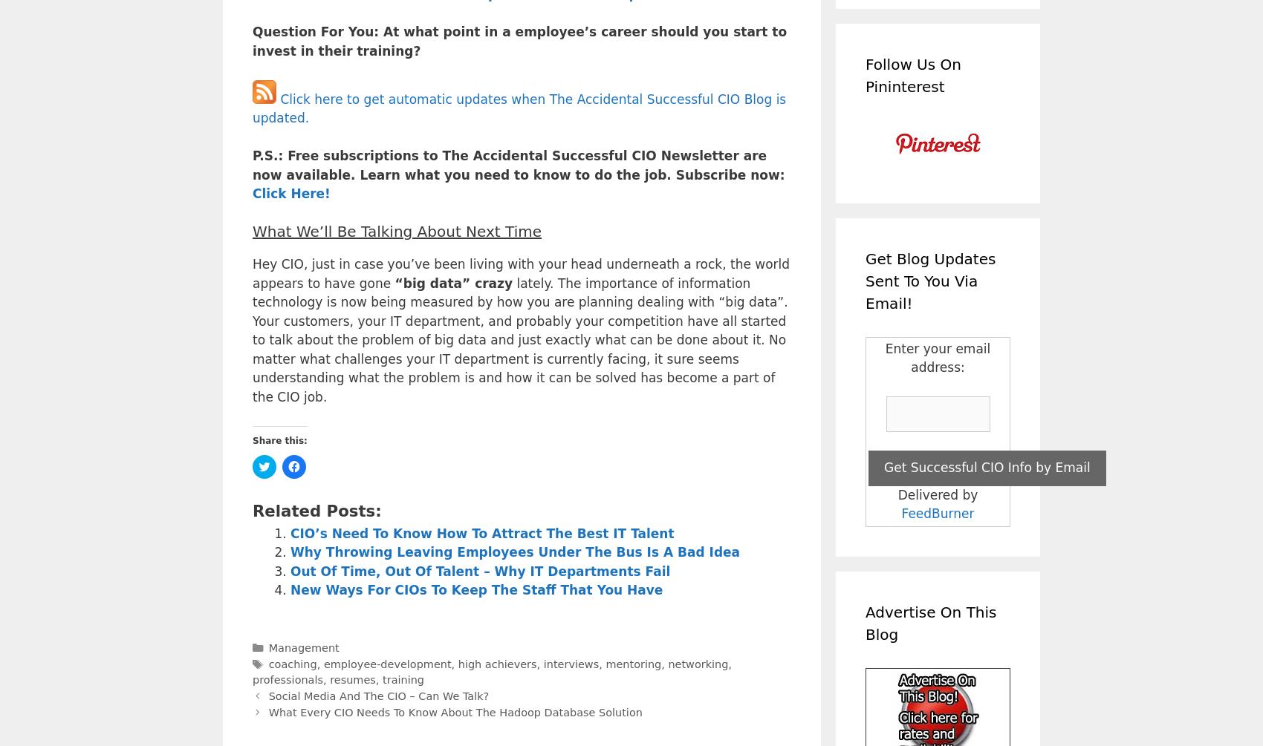  Describe the element at coordinates (519, 108) in the screenshot. I see `'Click here to get automatic updates when The Accidental Successful CIO Blog is updated.'` at that location.